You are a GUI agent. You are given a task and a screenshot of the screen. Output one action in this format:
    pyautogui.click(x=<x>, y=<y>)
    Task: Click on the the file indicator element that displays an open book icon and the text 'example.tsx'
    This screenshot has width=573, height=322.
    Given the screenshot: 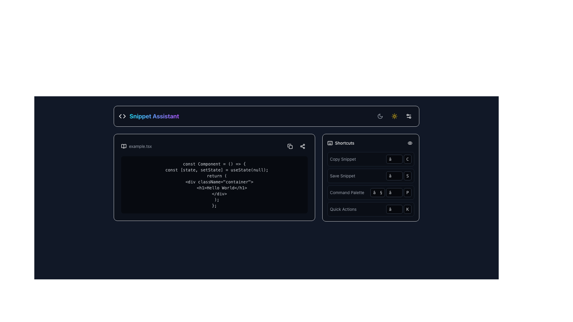 What is the action you would take?
    pyautogui.click(x=136, y=146)
    